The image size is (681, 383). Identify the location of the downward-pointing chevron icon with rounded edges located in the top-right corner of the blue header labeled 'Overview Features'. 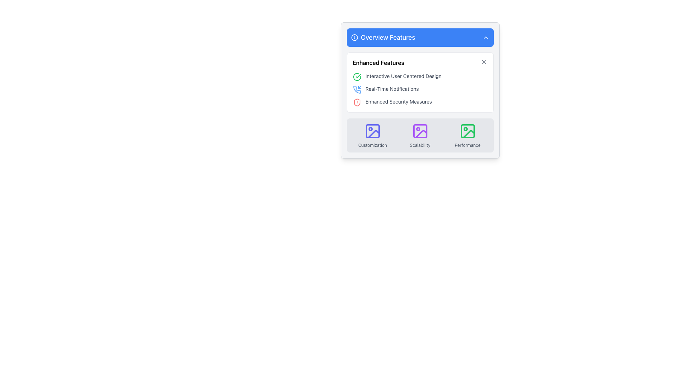
(485, 37).